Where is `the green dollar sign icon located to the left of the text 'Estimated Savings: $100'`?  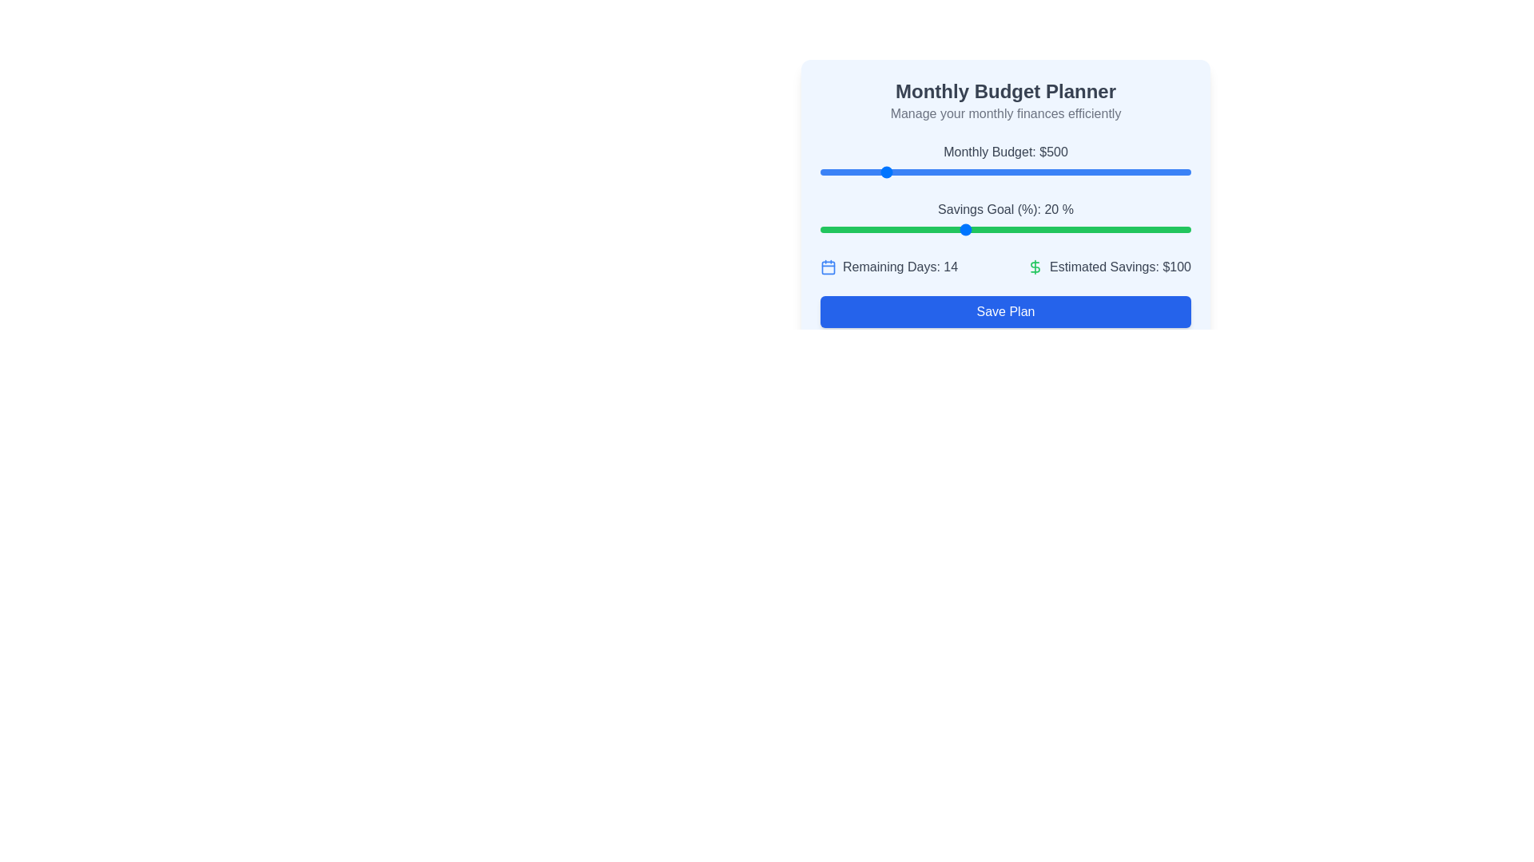 the green dollar sign icon located to the left of the text 'Estimated Savings: $100' is located at coordinates (1035, 267).